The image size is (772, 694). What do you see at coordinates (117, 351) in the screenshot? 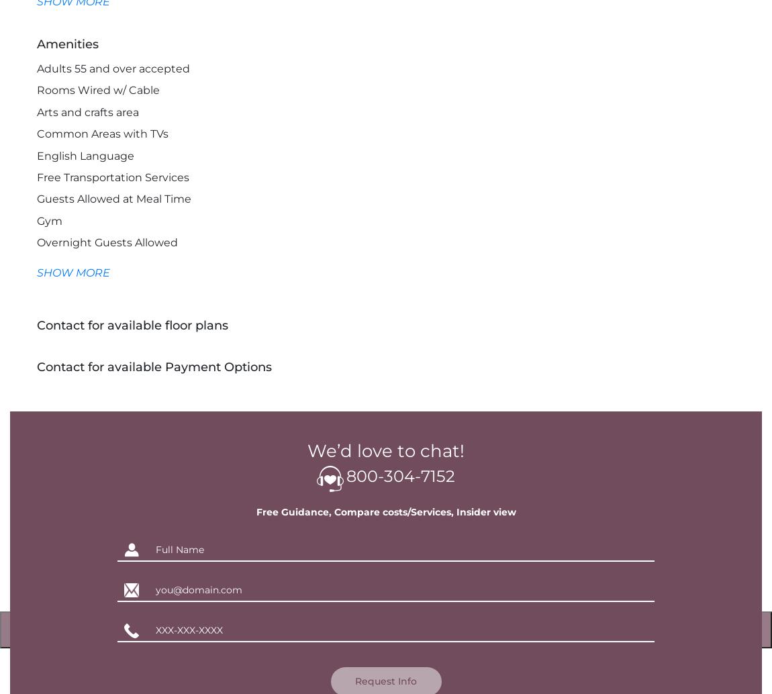
I see `'Kitchenette in resident rooms'` at bounding box center [117, 351].